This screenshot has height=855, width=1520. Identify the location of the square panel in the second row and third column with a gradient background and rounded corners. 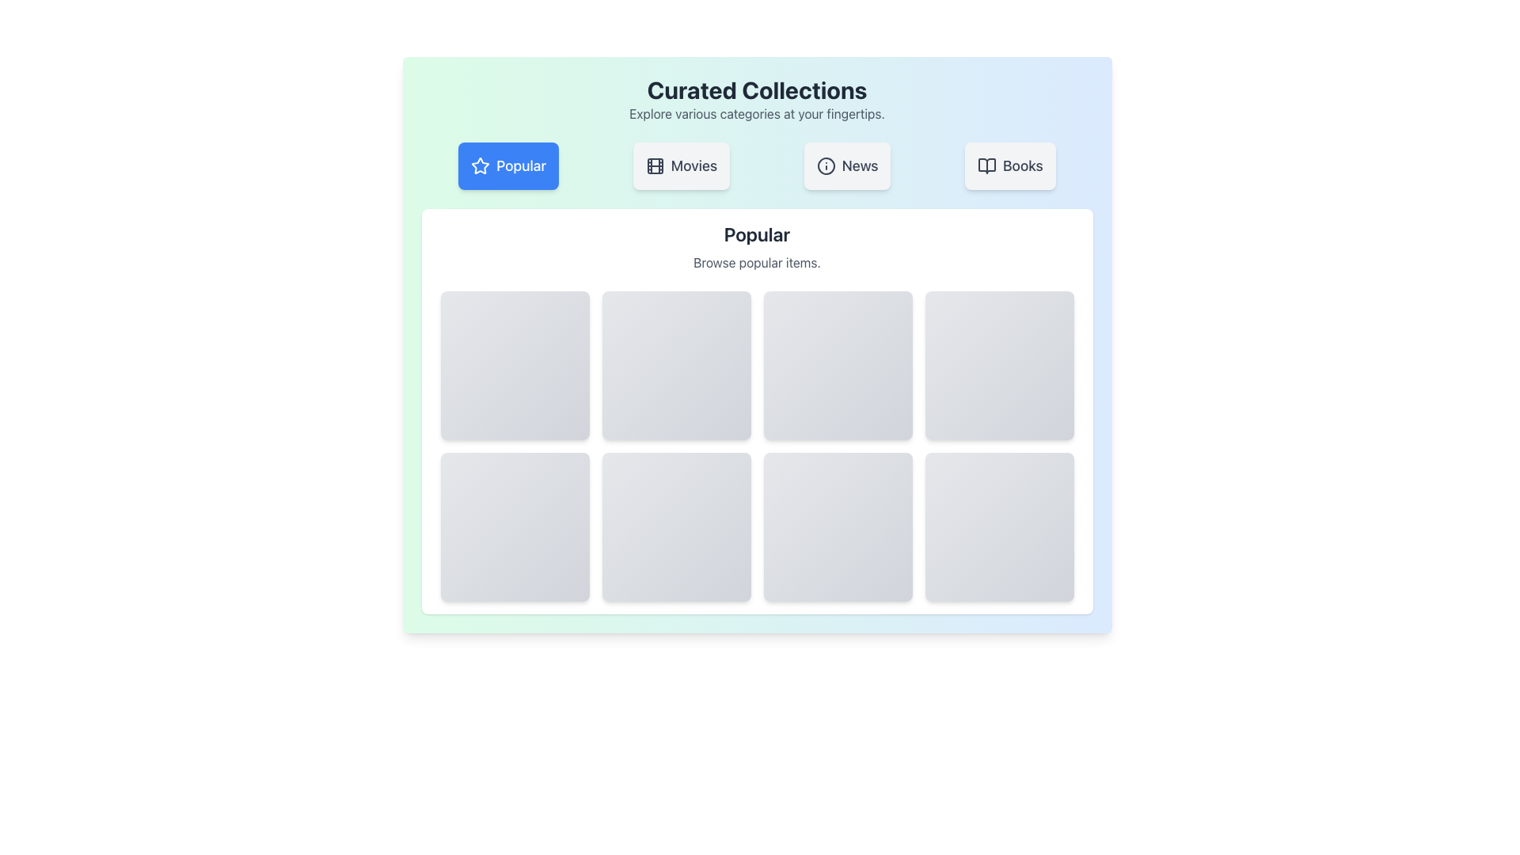
(837, 527).